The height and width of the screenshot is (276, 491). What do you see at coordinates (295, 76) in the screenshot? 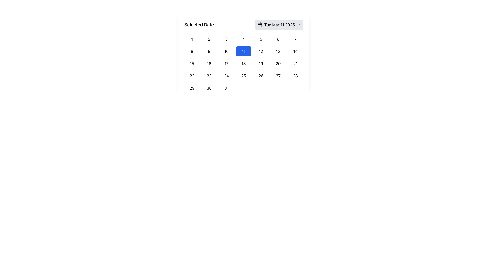
I see `the calendar date cell representing the date '28'` at bounding box center [295, 76].